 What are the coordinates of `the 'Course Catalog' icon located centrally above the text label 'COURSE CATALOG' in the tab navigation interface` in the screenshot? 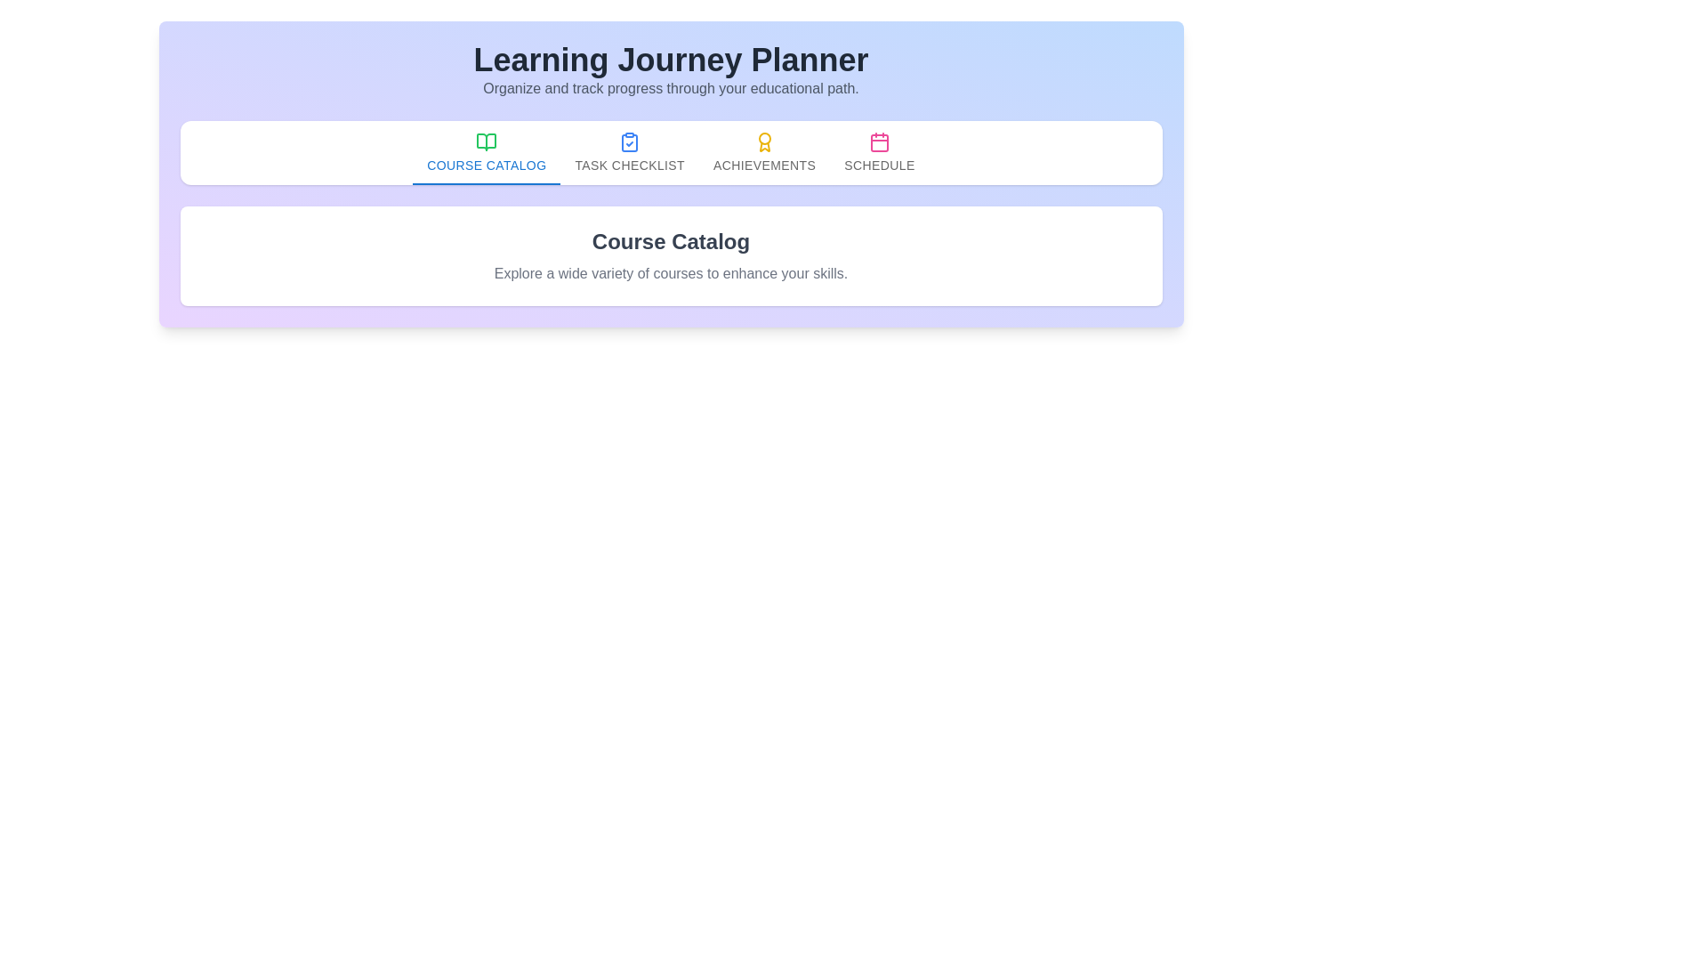 It's located at (487, 141).